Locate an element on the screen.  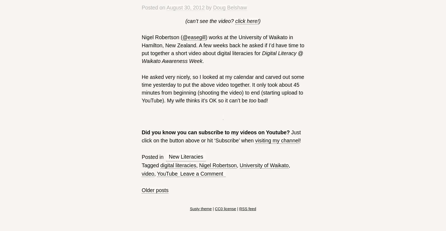
'Susty theme' is located at coordinates (200, 209).